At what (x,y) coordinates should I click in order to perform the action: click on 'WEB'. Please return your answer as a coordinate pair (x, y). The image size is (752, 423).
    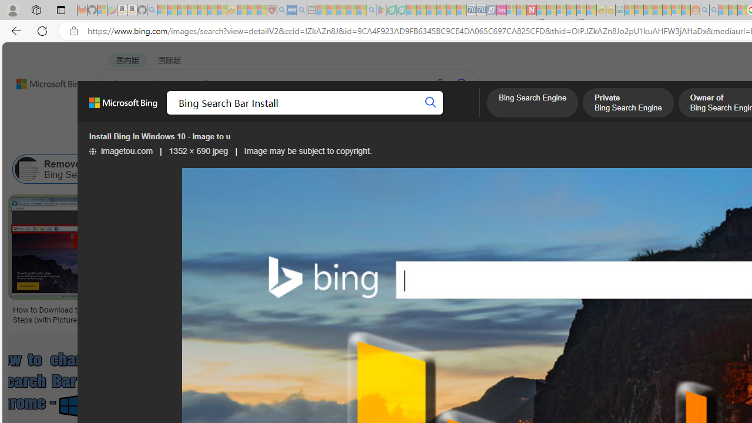
    Looking at the image, I should click on (118, 115).